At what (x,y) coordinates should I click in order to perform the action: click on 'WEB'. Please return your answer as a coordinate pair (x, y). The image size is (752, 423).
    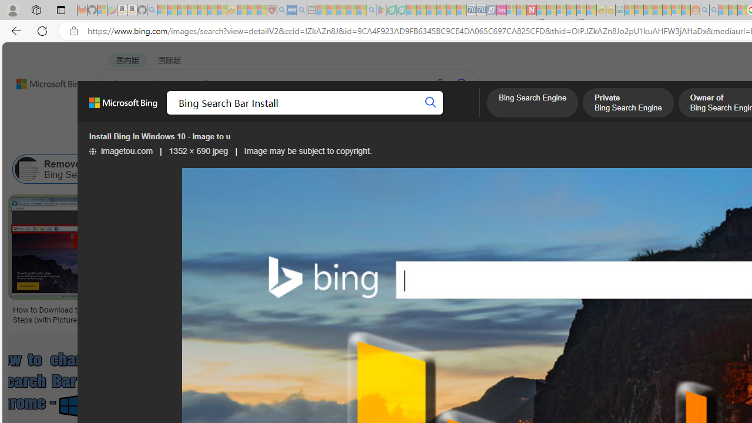
    Looking at the image, I should click on (118, 115).